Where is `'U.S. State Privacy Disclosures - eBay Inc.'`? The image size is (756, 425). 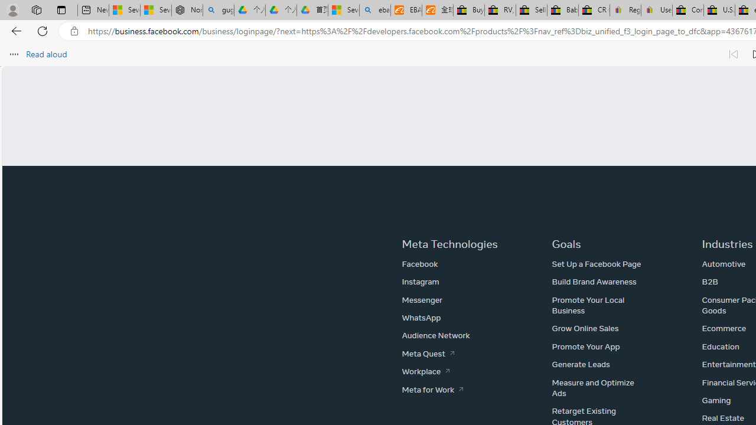
'U.S. State Privacy Disclosures - eBay Inc.' is located at coordinates (718, 10).